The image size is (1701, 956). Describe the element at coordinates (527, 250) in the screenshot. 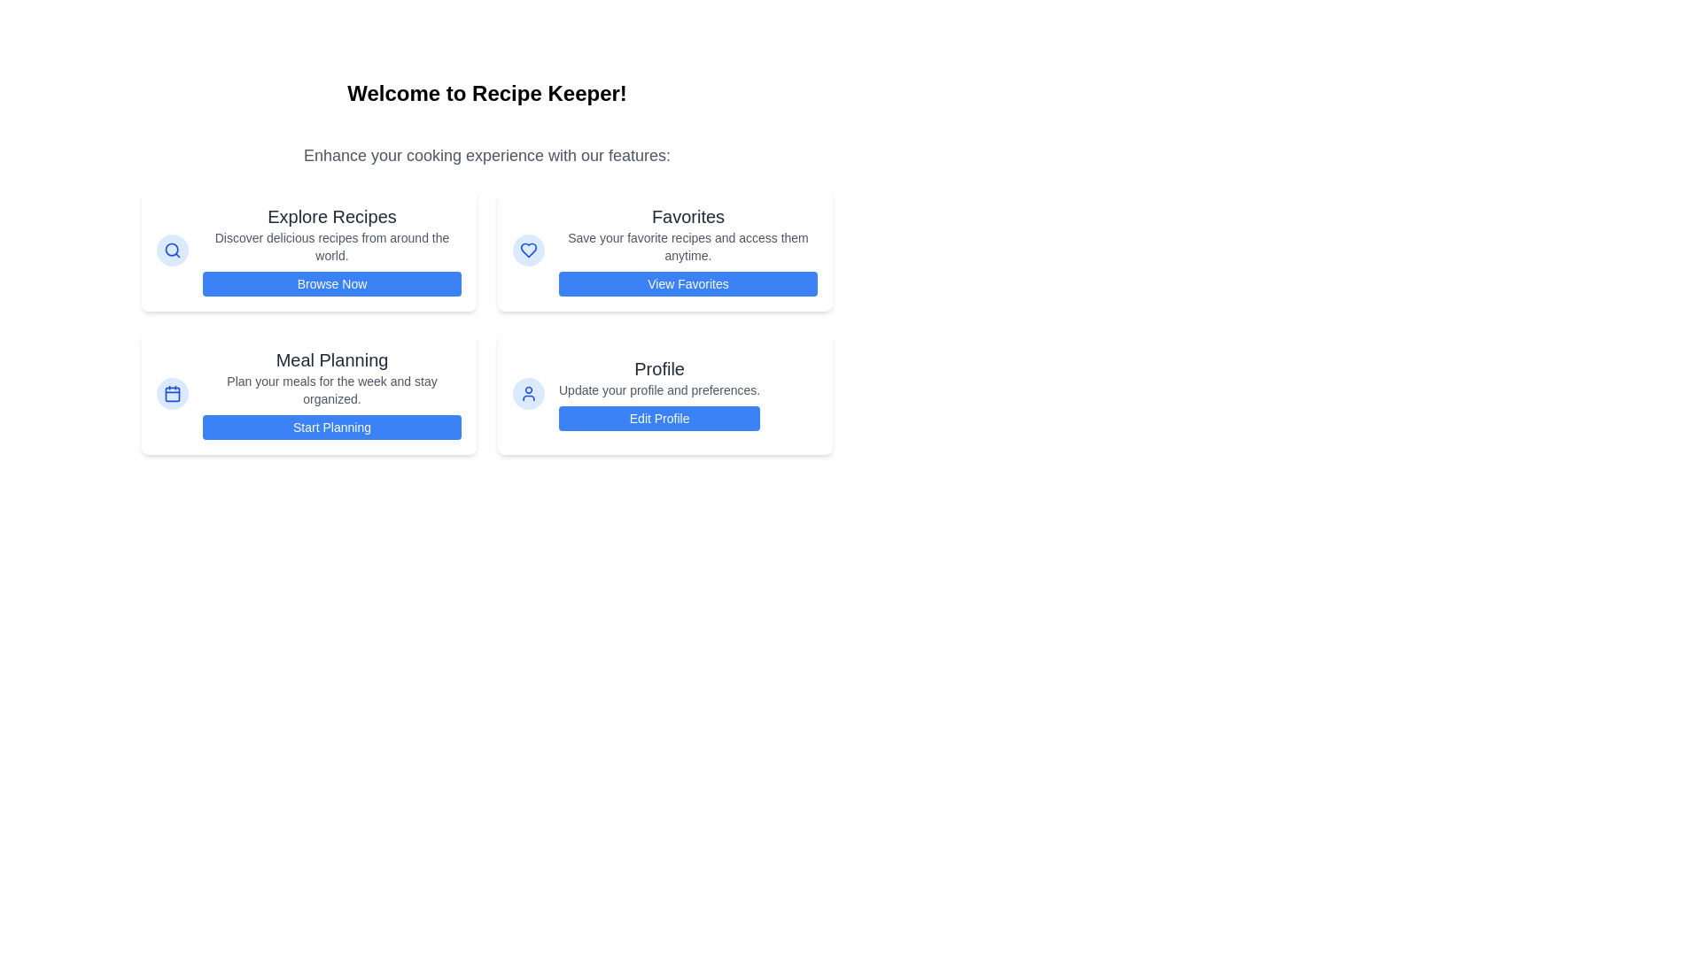

I see `the decorative 'Favorites' icon located in the upper-left part of the 'Favorites' panel` at that location.